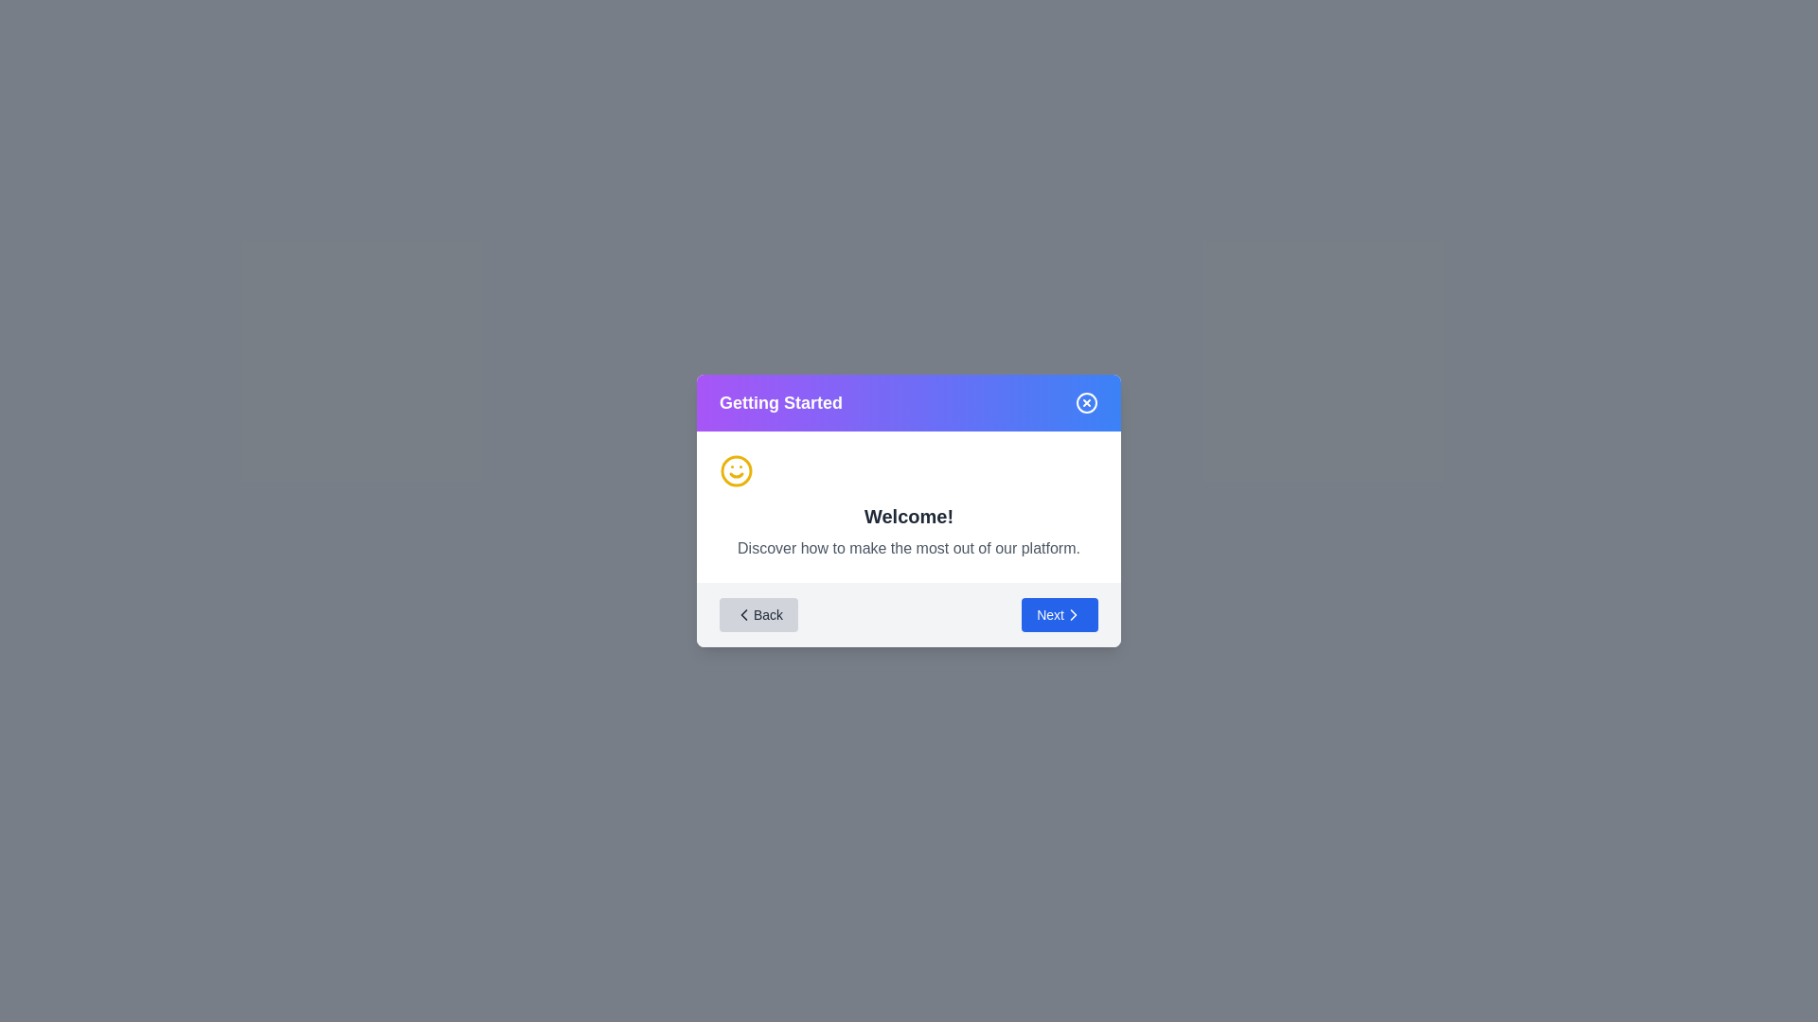  I want to click on the decorative emoji icon located in the 'Getting Started' dialog box, positioned above the text 'Welcome!' and to the left of the textual content, so click(735, 469).